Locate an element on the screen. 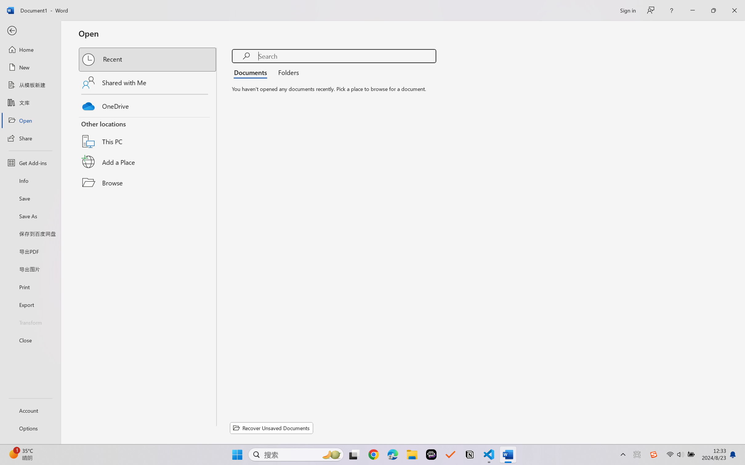 The width and height of the screenshot is (745, 465). 'Folders' is located at coordinates (287, 72).